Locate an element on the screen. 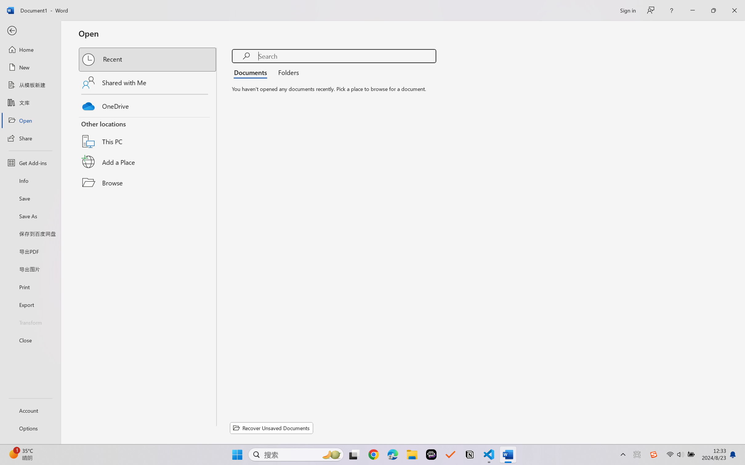 The width and height of the screenshot is (745, 465). 'Folders' is located at coordinates (287, 72).